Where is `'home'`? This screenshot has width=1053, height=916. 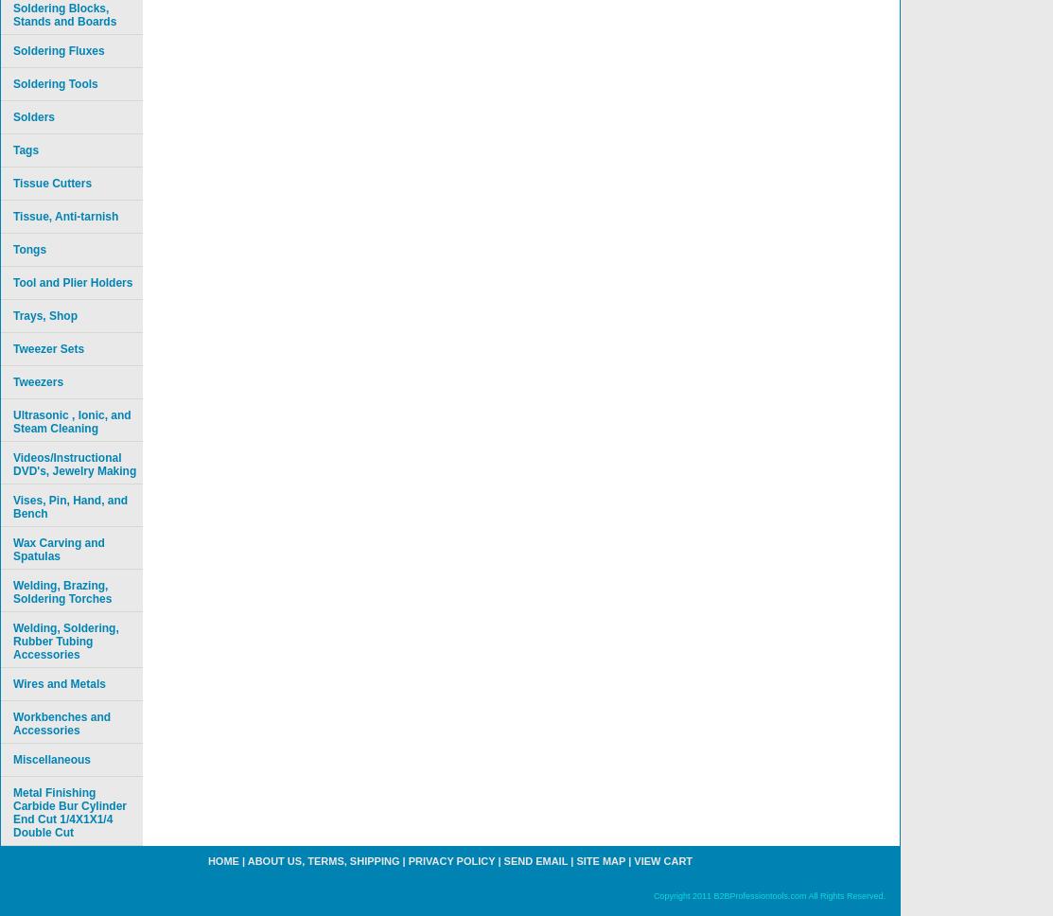
'home' is located at coordinates (222, 861).